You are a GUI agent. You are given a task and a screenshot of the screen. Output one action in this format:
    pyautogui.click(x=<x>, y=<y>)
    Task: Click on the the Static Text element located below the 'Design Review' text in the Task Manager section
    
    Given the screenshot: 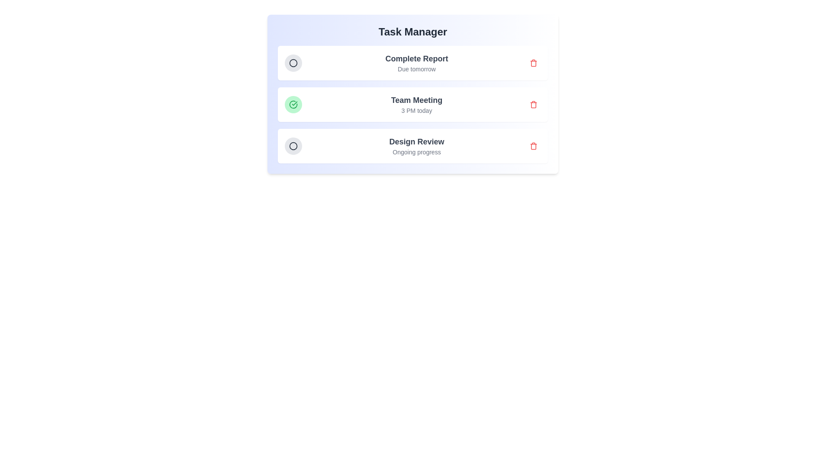 What is the action you would take?
    pyautogui.click(x=417, y=151)
    